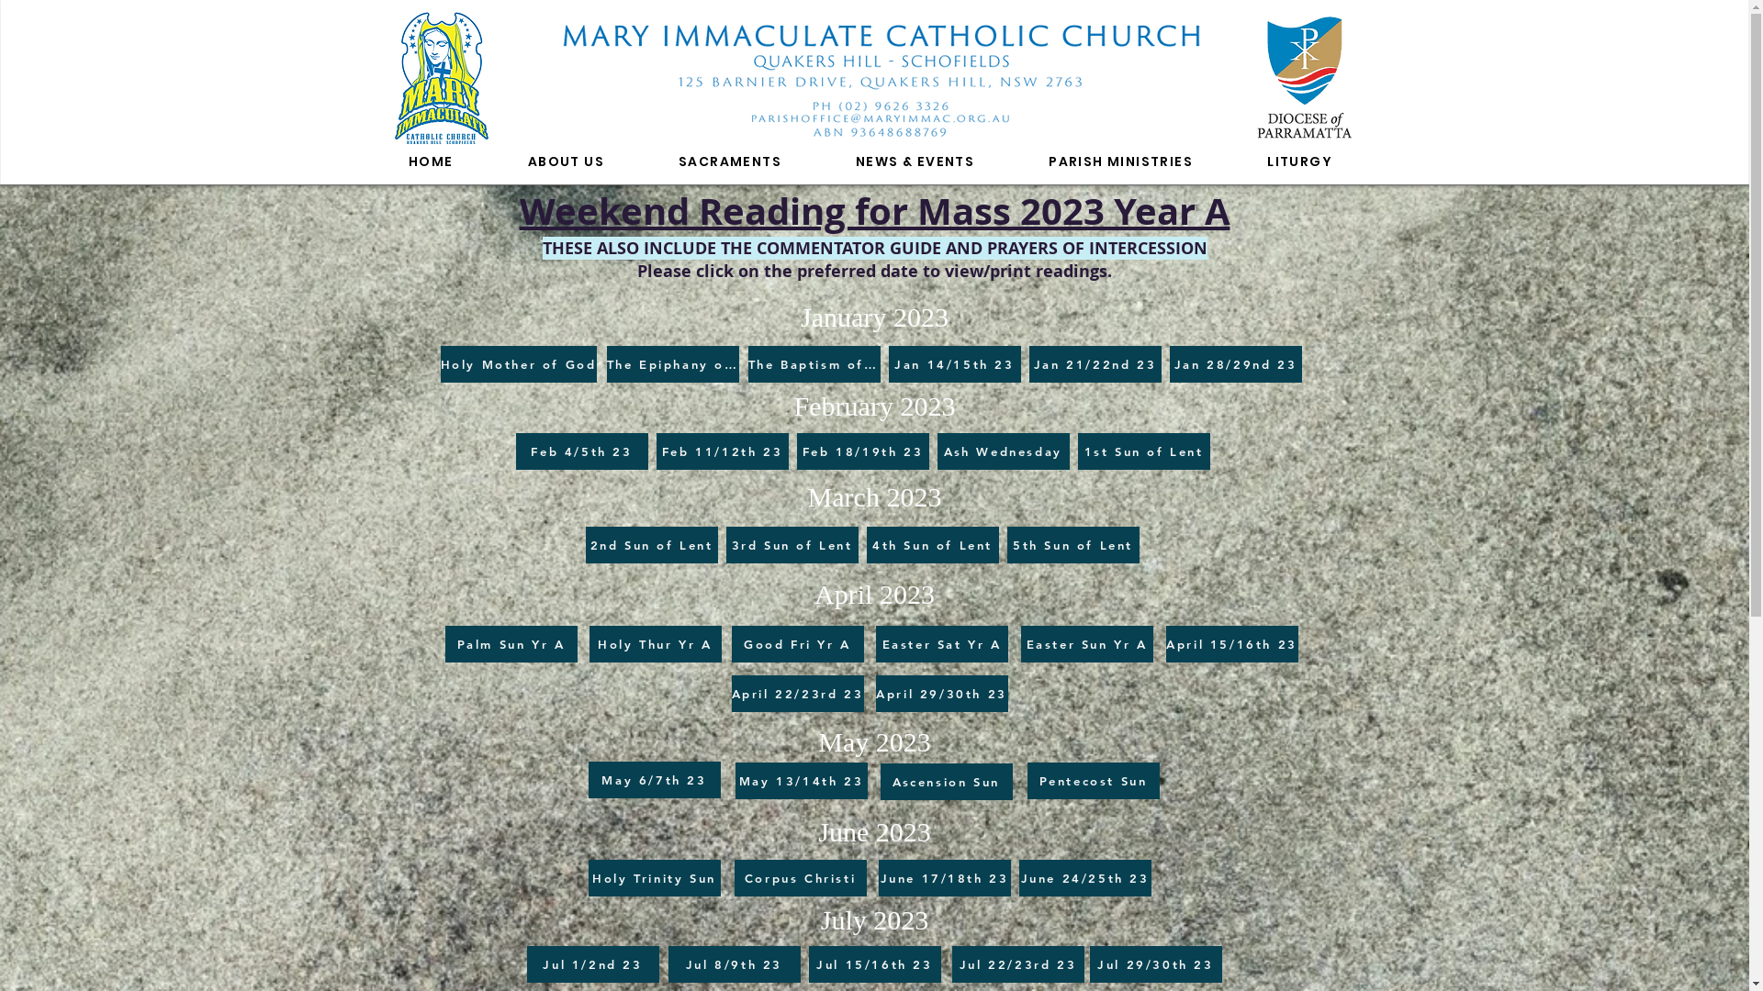 The height and width of the screenshot is (991, 1763). Describe the element at coordinates (813, 364) in the screenshot. I see `'The Baptism of the Lord'` at that location.